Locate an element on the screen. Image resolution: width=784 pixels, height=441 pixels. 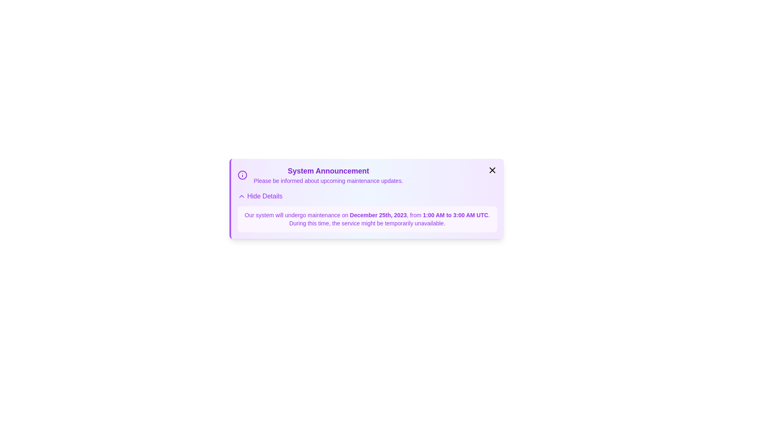
the toggle button located in the 'System Announcement' information panel is located at coordinates (259, 196).